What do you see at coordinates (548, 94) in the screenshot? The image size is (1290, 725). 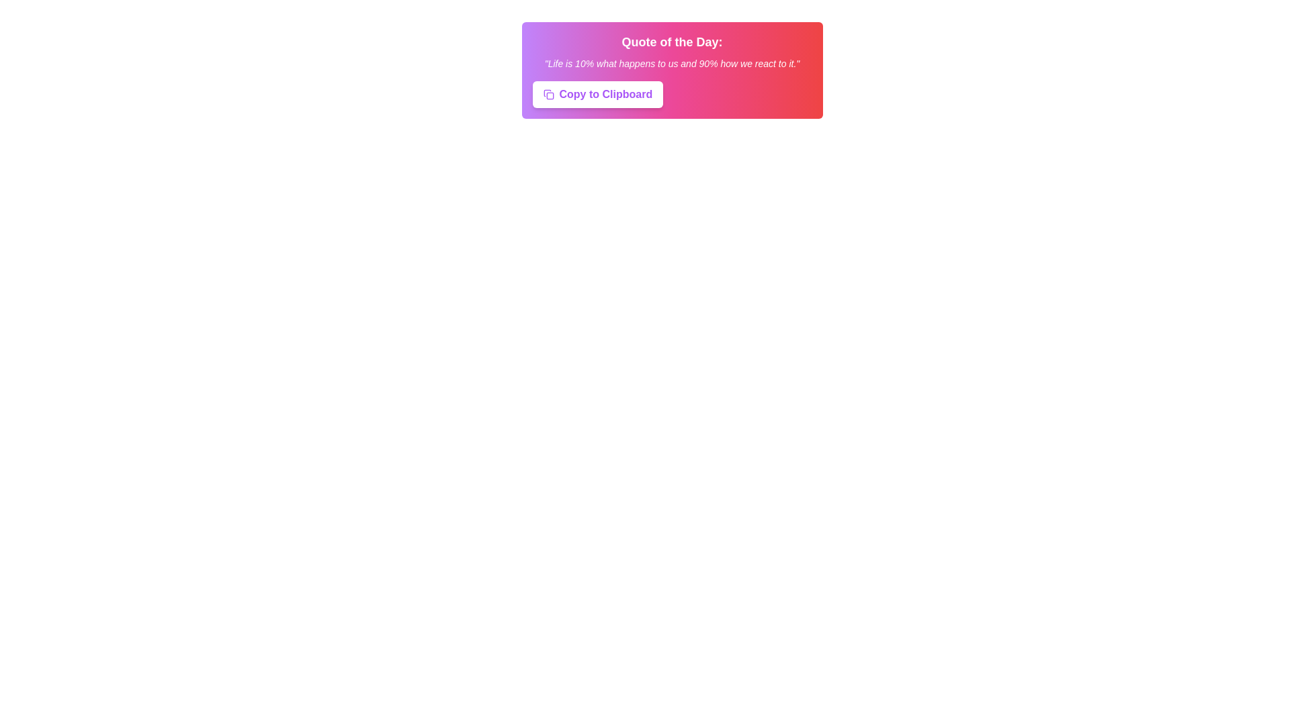 I see `the 'Copy to Clipboard' icon located to the left of the 'Copy to Clipboard' button` at bounding box center [548, 94].